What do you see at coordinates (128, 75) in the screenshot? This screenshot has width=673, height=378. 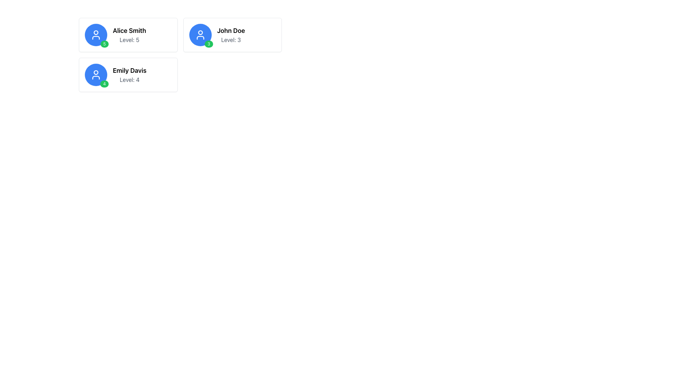 I see `the card-type UI element displaying 'Emily Davis' with a user profile icon and a green badge showing '4', positioned in the second row and first column of the grid` at bounding box center [128, 75].